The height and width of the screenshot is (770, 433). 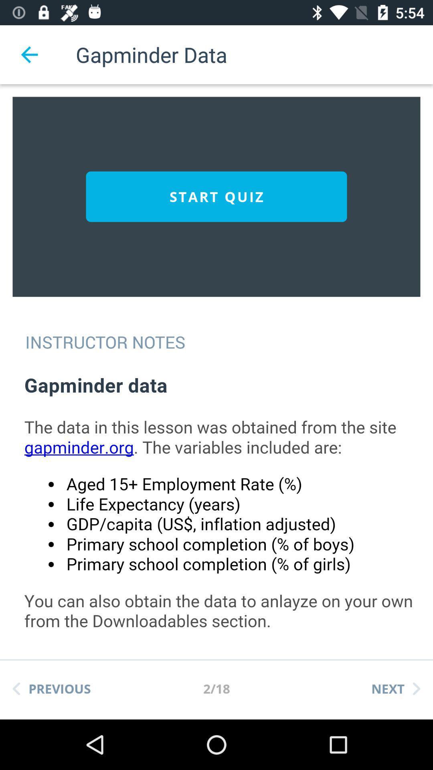 I want to click on instructor note, so click(x=224, y=507).